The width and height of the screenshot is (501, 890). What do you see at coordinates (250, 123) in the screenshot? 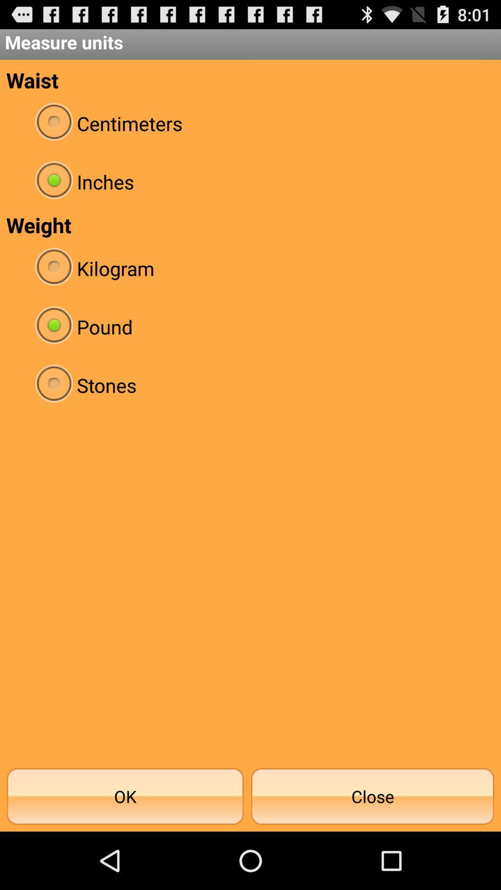
I see `centimeters item` at bounding box center [250, 123].